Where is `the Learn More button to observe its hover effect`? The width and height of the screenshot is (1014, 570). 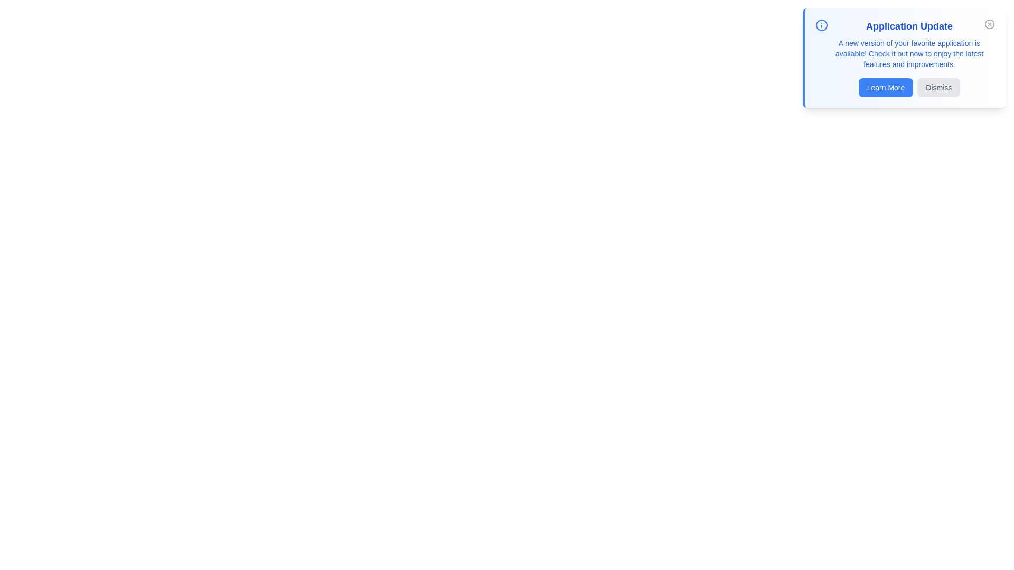 the Learn More button to observe its hover effect is located at coordinates (886, 87).